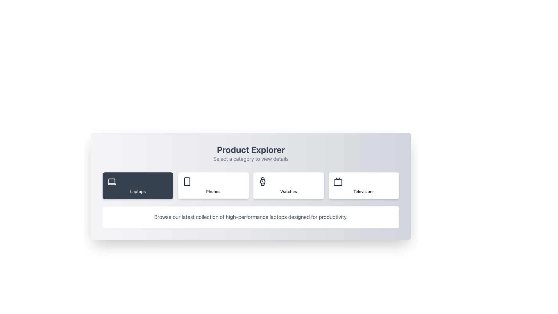 This screenshot has width=558, height=314. I want to click on the larger rounded rectangle SVG shape that represents the body of the smartphone icon in the second card from the left under the 'Product Explorer' heading, so click(187, 181).